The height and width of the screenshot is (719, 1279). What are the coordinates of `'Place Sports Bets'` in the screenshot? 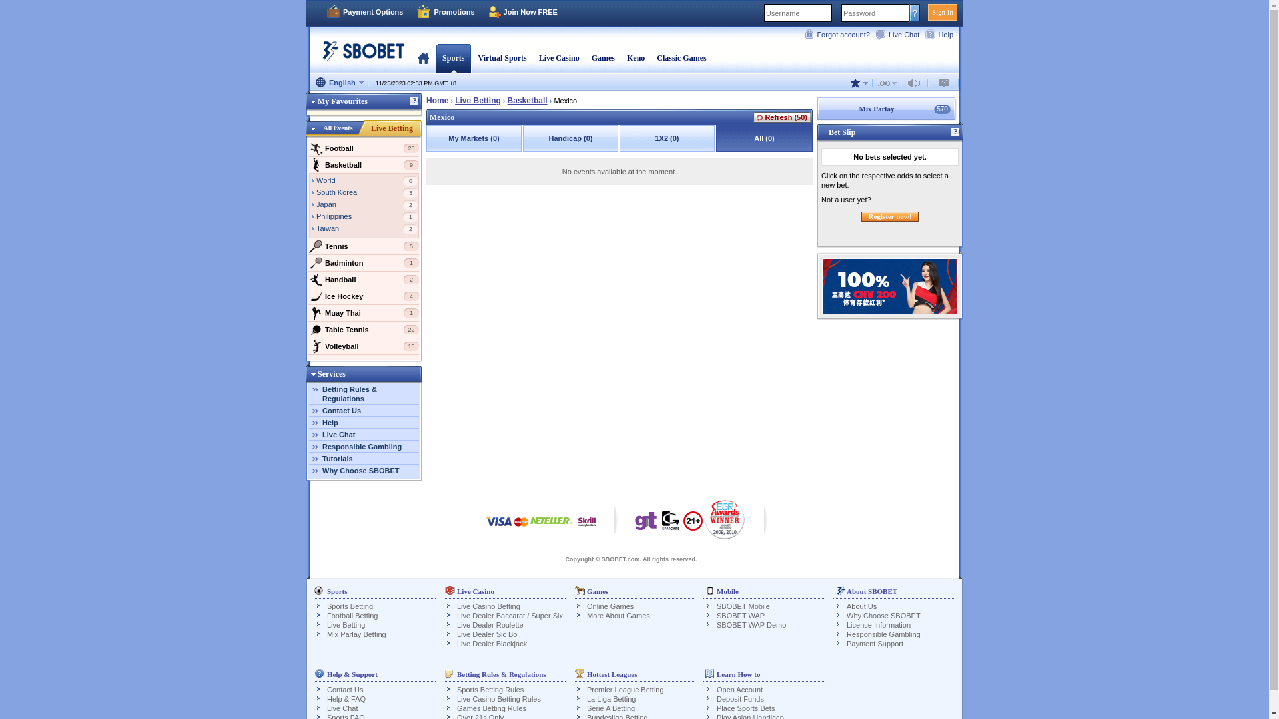 It's located at (715, 708).